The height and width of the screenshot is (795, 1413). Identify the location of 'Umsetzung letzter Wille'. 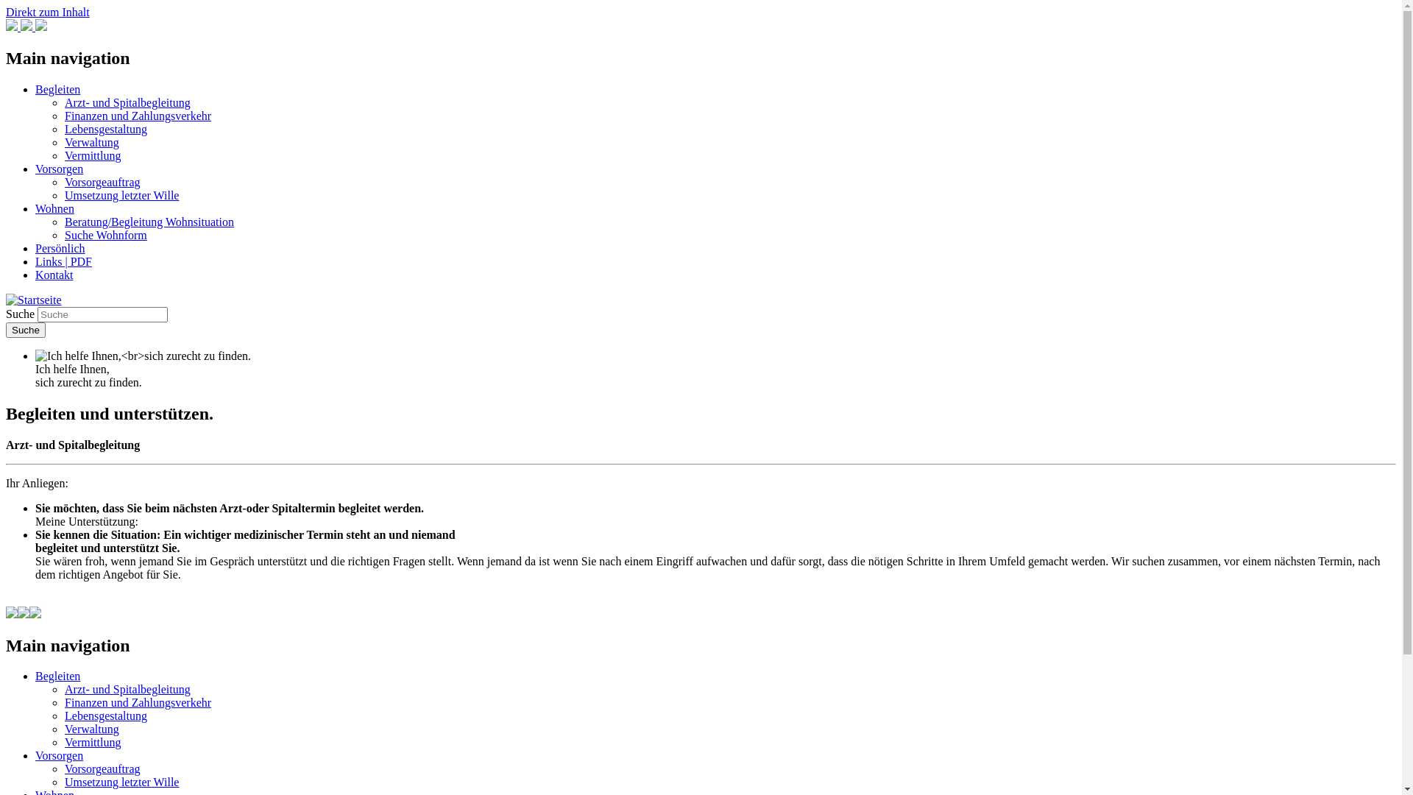
(121, 781).